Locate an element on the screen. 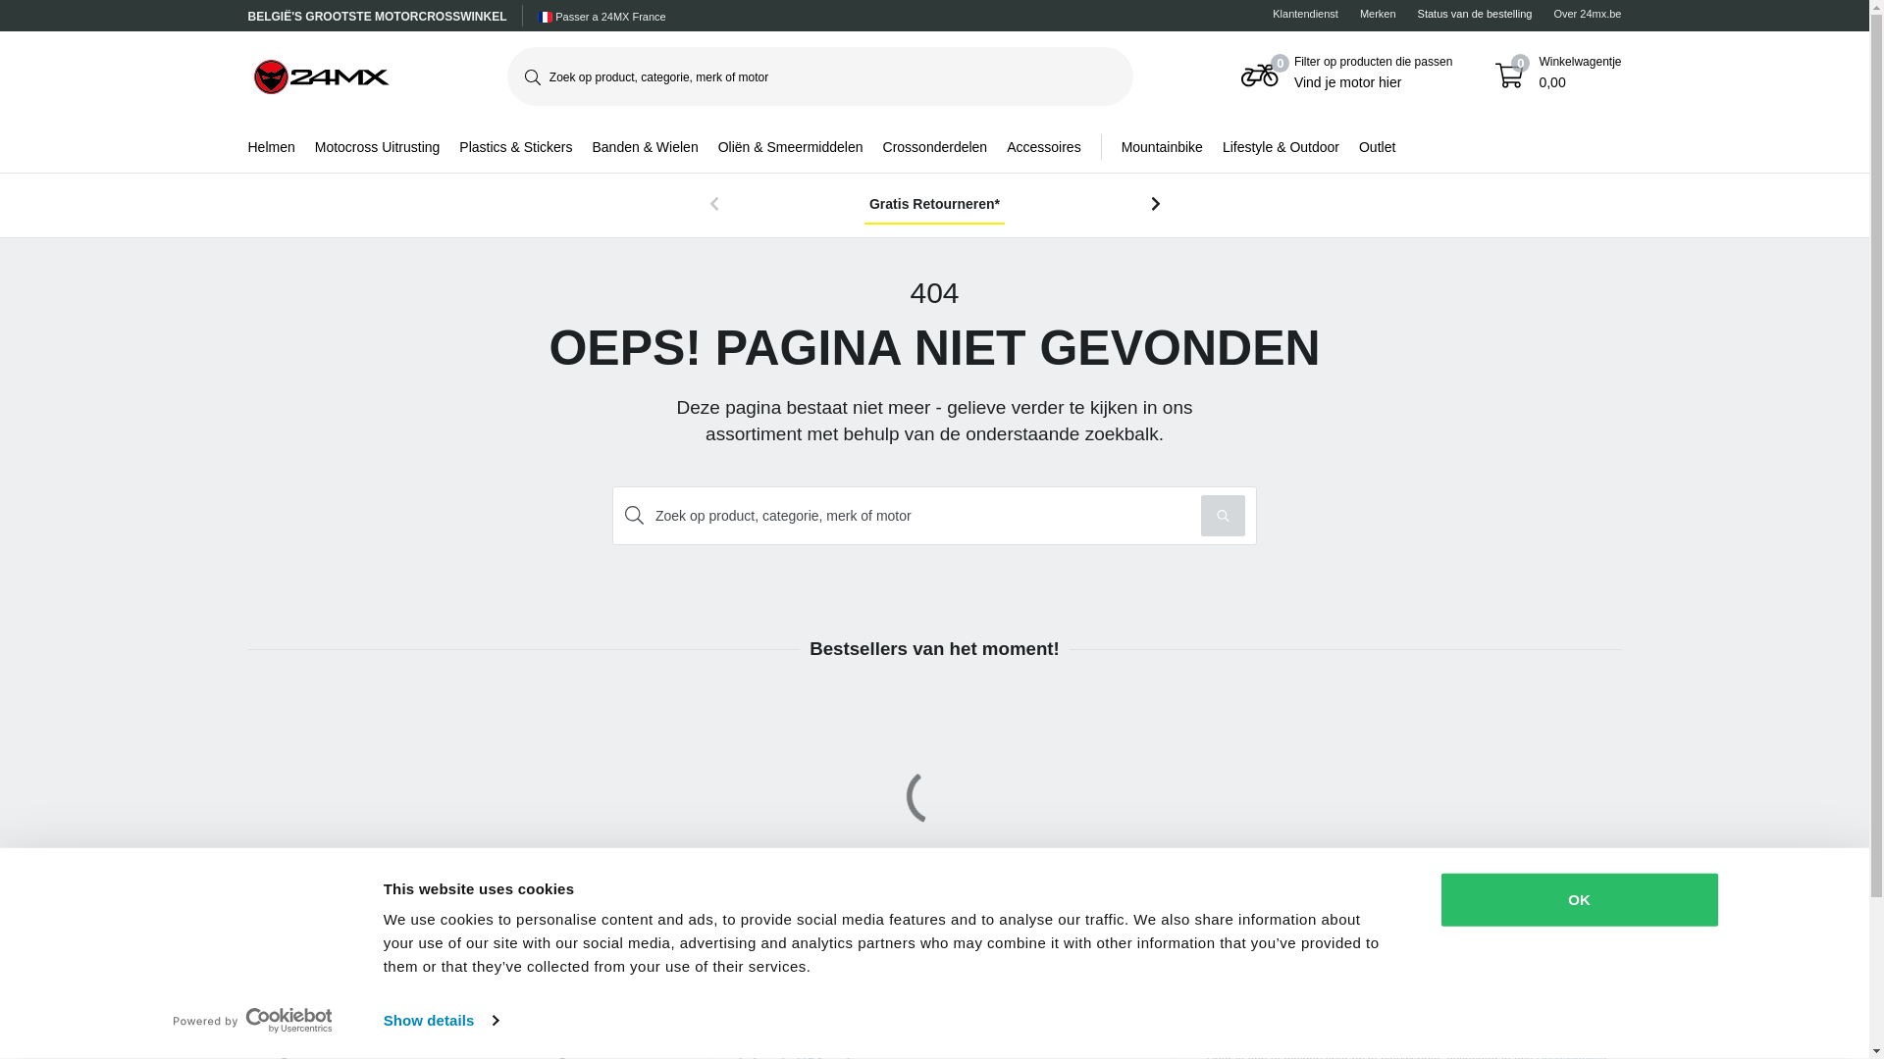 The height and width of the screenshot is (1059, 1884). 'Accessoires' is located at coordinates (1042, 146).